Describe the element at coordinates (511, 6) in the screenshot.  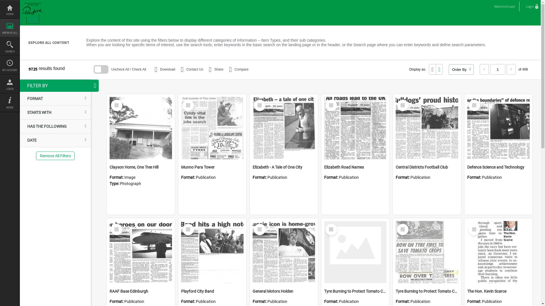
I see `'Guest'` at that location.